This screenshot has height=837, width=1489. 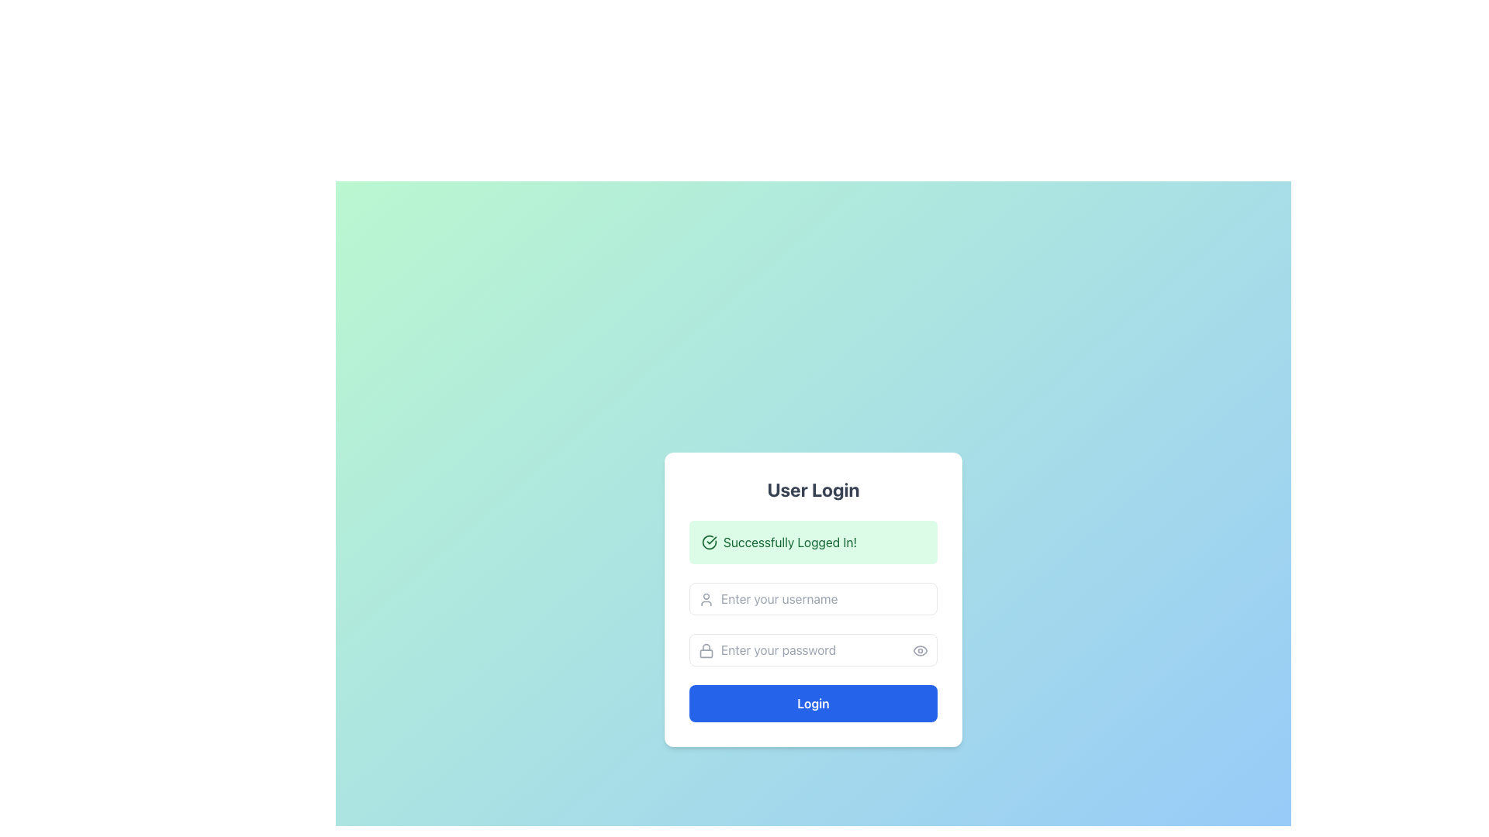 What do you see at coordinates (813, 598) in the screenshot?
I see `on the text input field for entering a username, which is the first input field in a form styled as a card, located below the 'Successfully Logged In!' notification and above the password input field` at bounding box center [813, 598].